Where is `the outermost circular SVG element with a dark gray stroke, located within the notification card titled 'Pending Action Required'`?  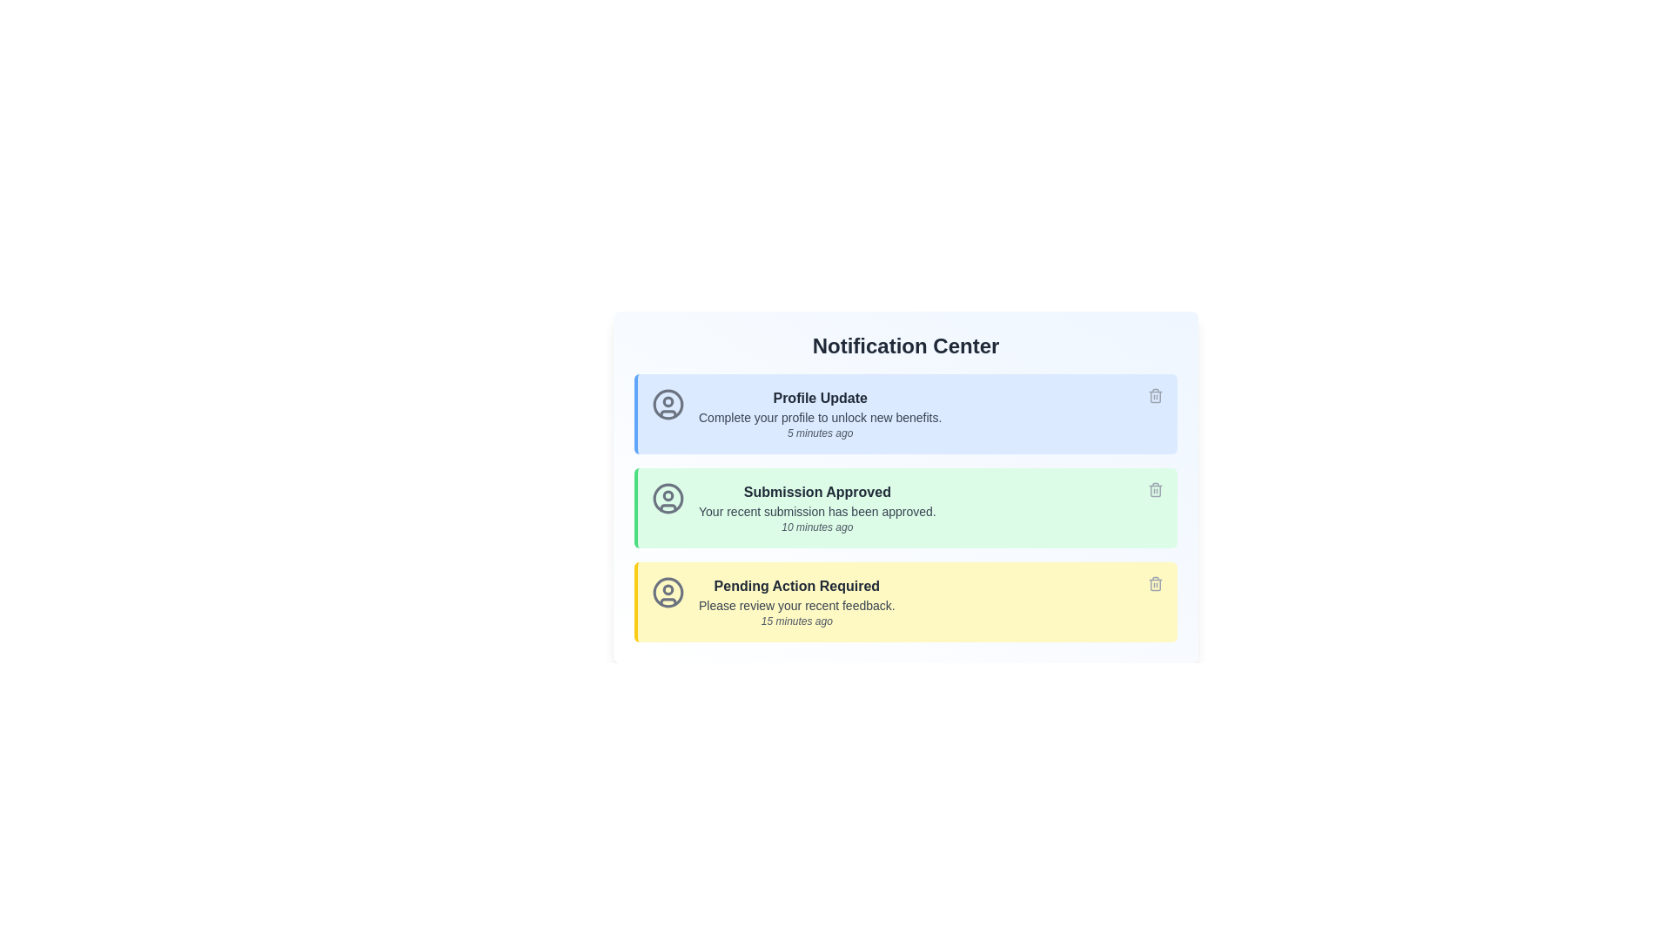
the outermost circular SVG element with a dark gray stroke, located within the notification card titled 'Pending Action Required' is located at coordinates (668, 592).